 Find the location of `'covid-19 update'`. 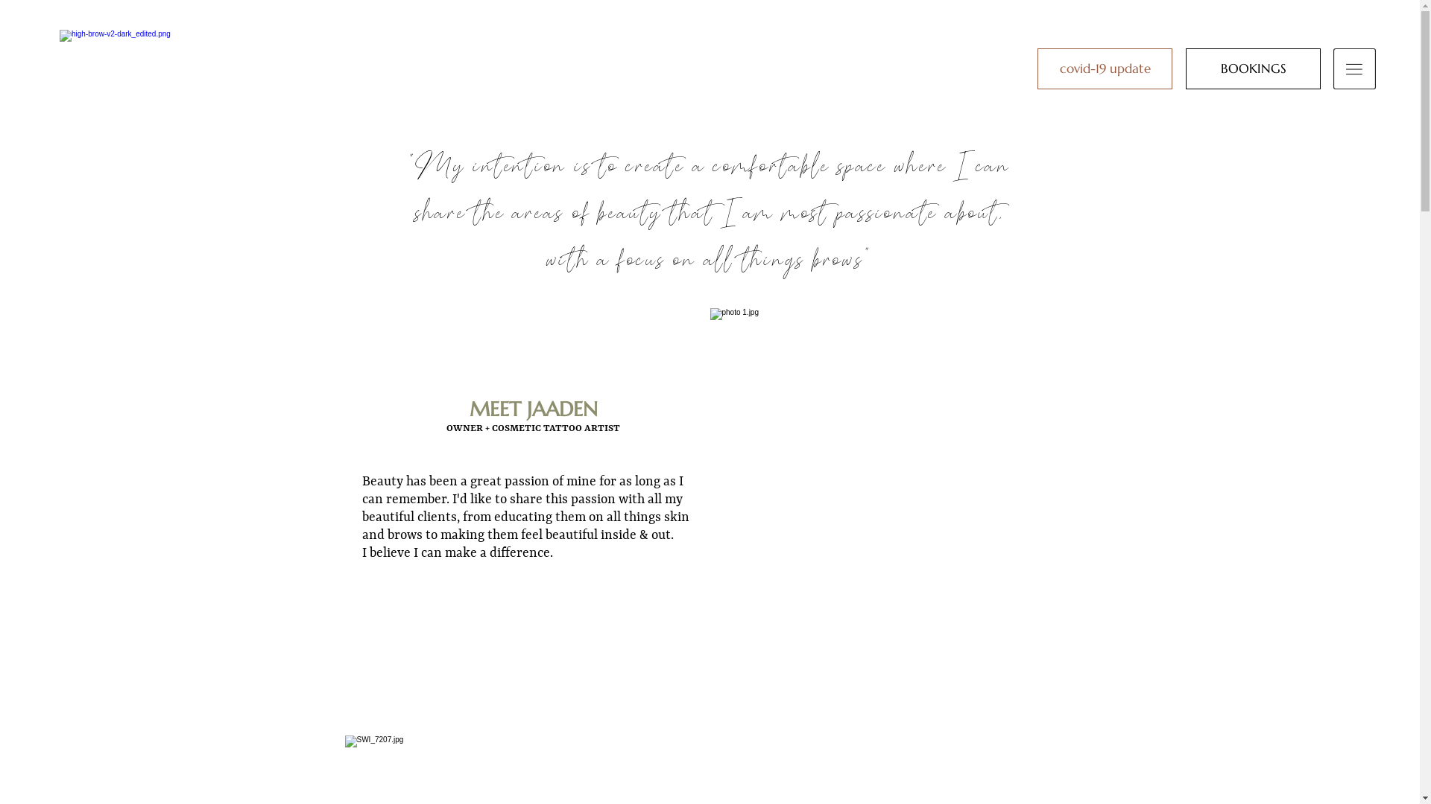

'covid-19 update' is located at coordinates (1105, 68).